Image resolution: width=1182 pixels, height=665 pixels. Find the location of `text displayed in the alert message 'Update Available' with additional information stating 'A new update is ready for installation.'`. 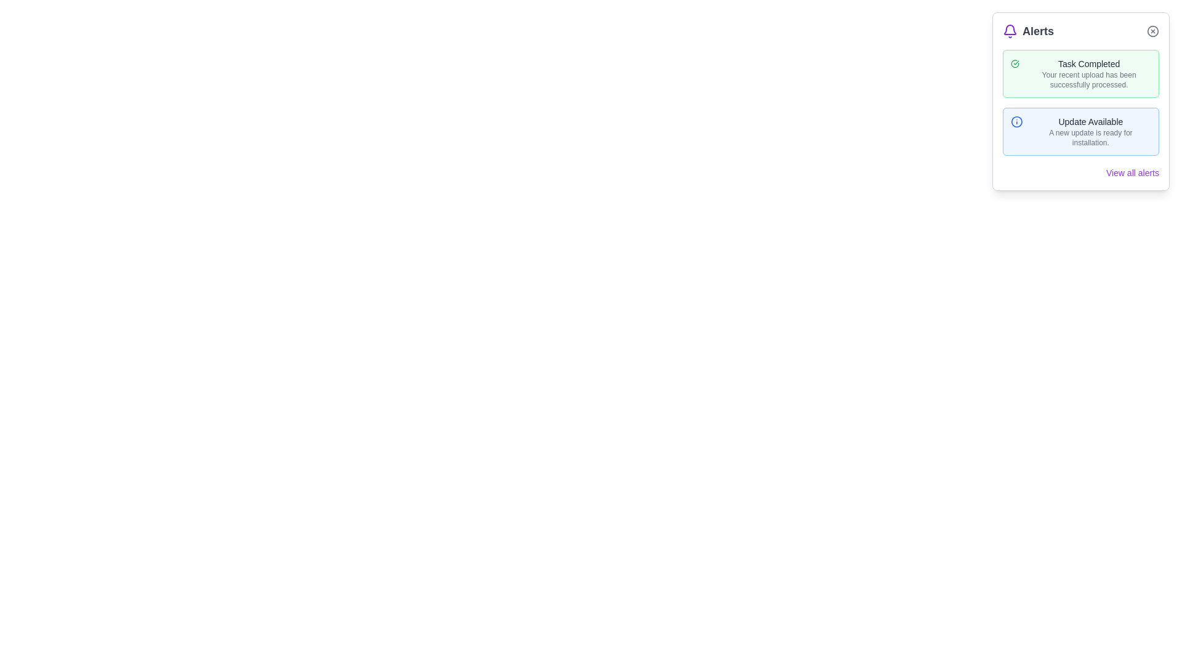

text displayed in the alert message 'Update Available' with additional information stating 'A new update is ready for installation.' is located at coordinates (1090, 131).